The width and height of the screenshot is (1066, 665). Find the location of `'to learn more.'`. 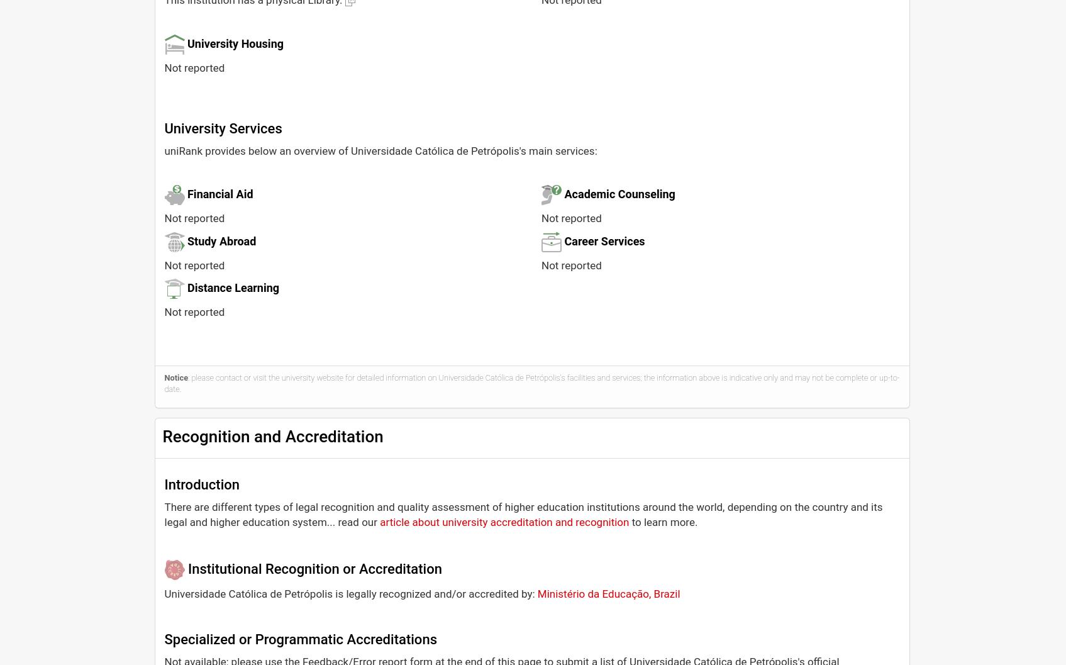

'to learn more.' is located at coordinates (663, 522).